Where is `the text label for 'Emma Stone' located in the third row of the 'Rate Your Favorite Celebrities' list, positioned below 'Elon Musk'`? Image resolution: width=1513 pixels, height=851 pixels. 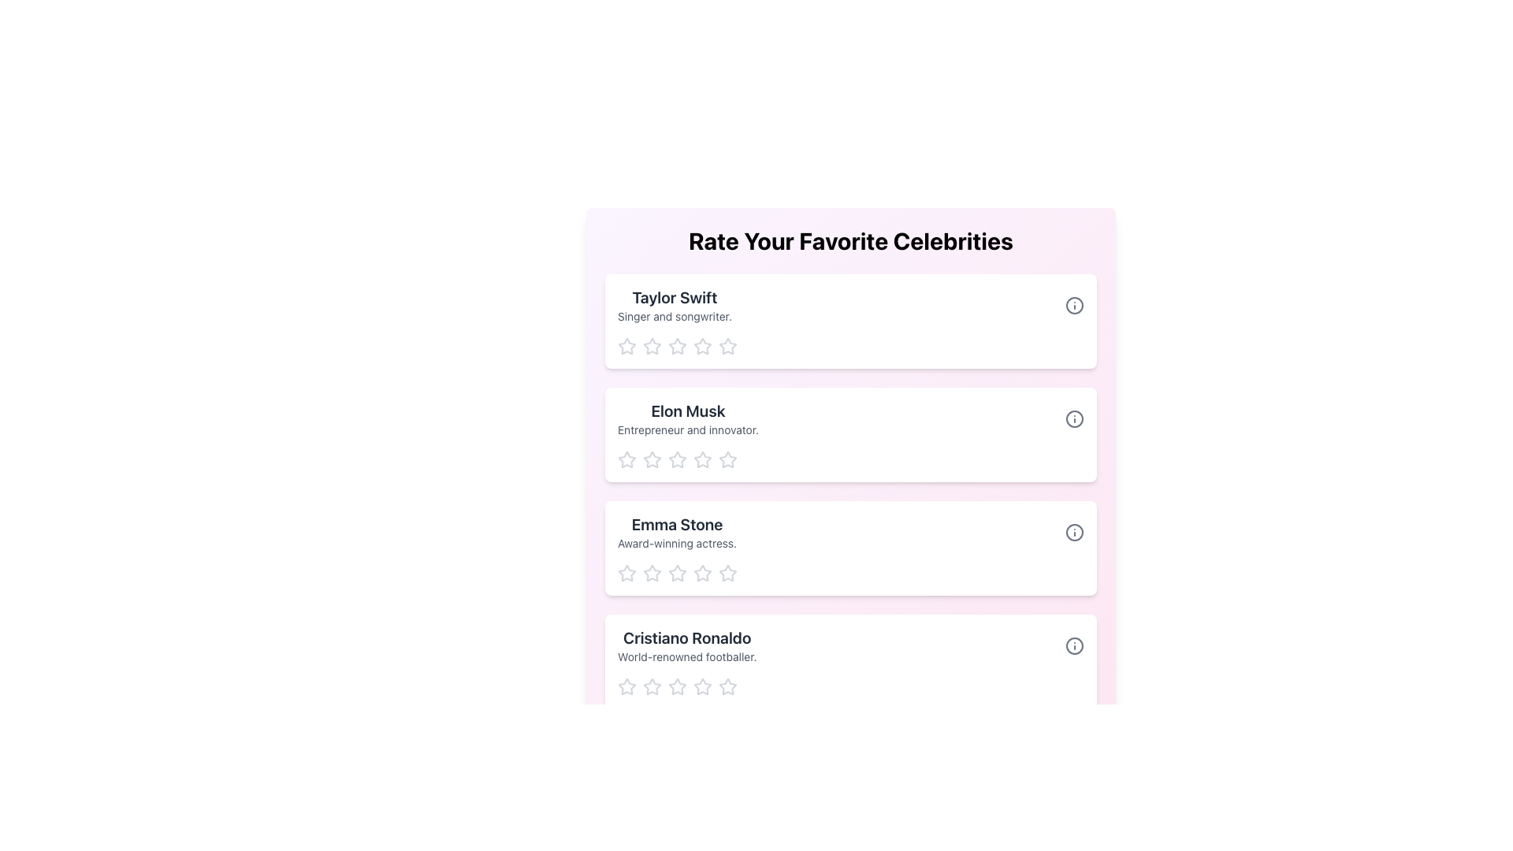 the text label for 'Emma Stone' located in the third row of the 'Rate Your Favorite Celebrities' list, positioned below 'Elon Musk' is located at coordinates (677, 532).